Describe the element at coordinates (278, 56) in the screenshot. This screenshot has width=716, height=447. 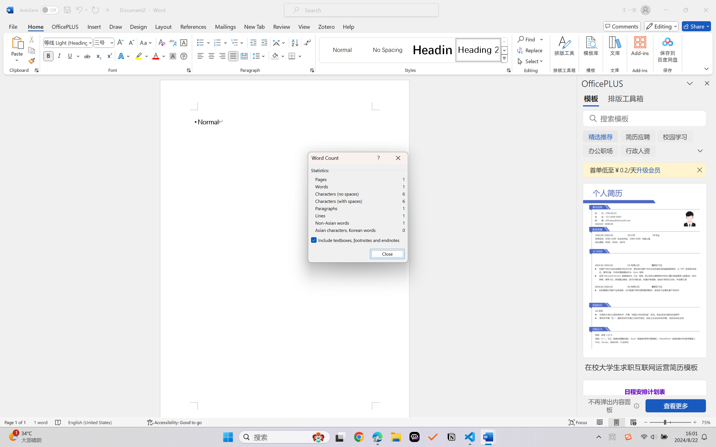
I see `'Shading'` at that location.